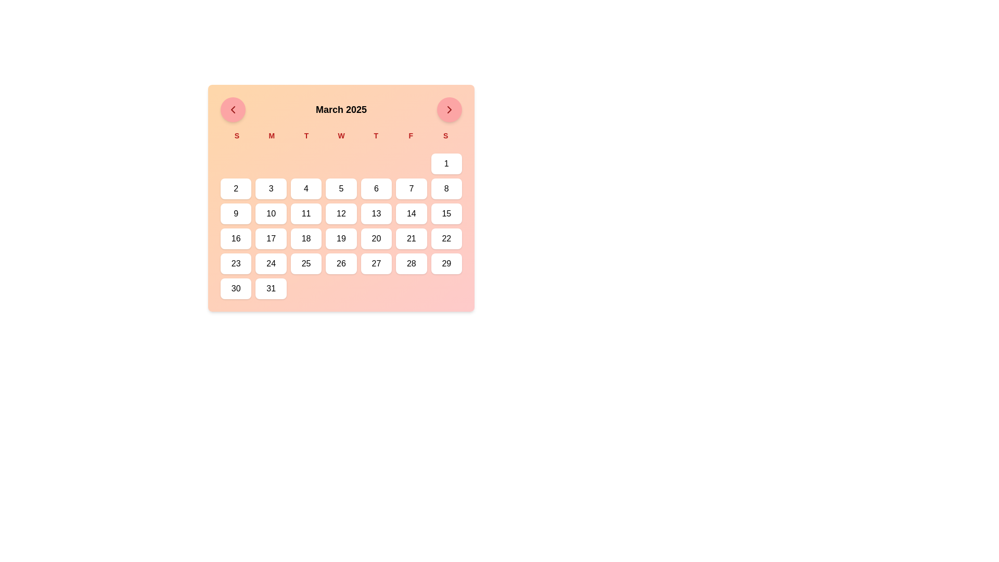  Describe the element at coordinates (341, 239) in the screenshot. I see `the button labeled '19'` at that location.